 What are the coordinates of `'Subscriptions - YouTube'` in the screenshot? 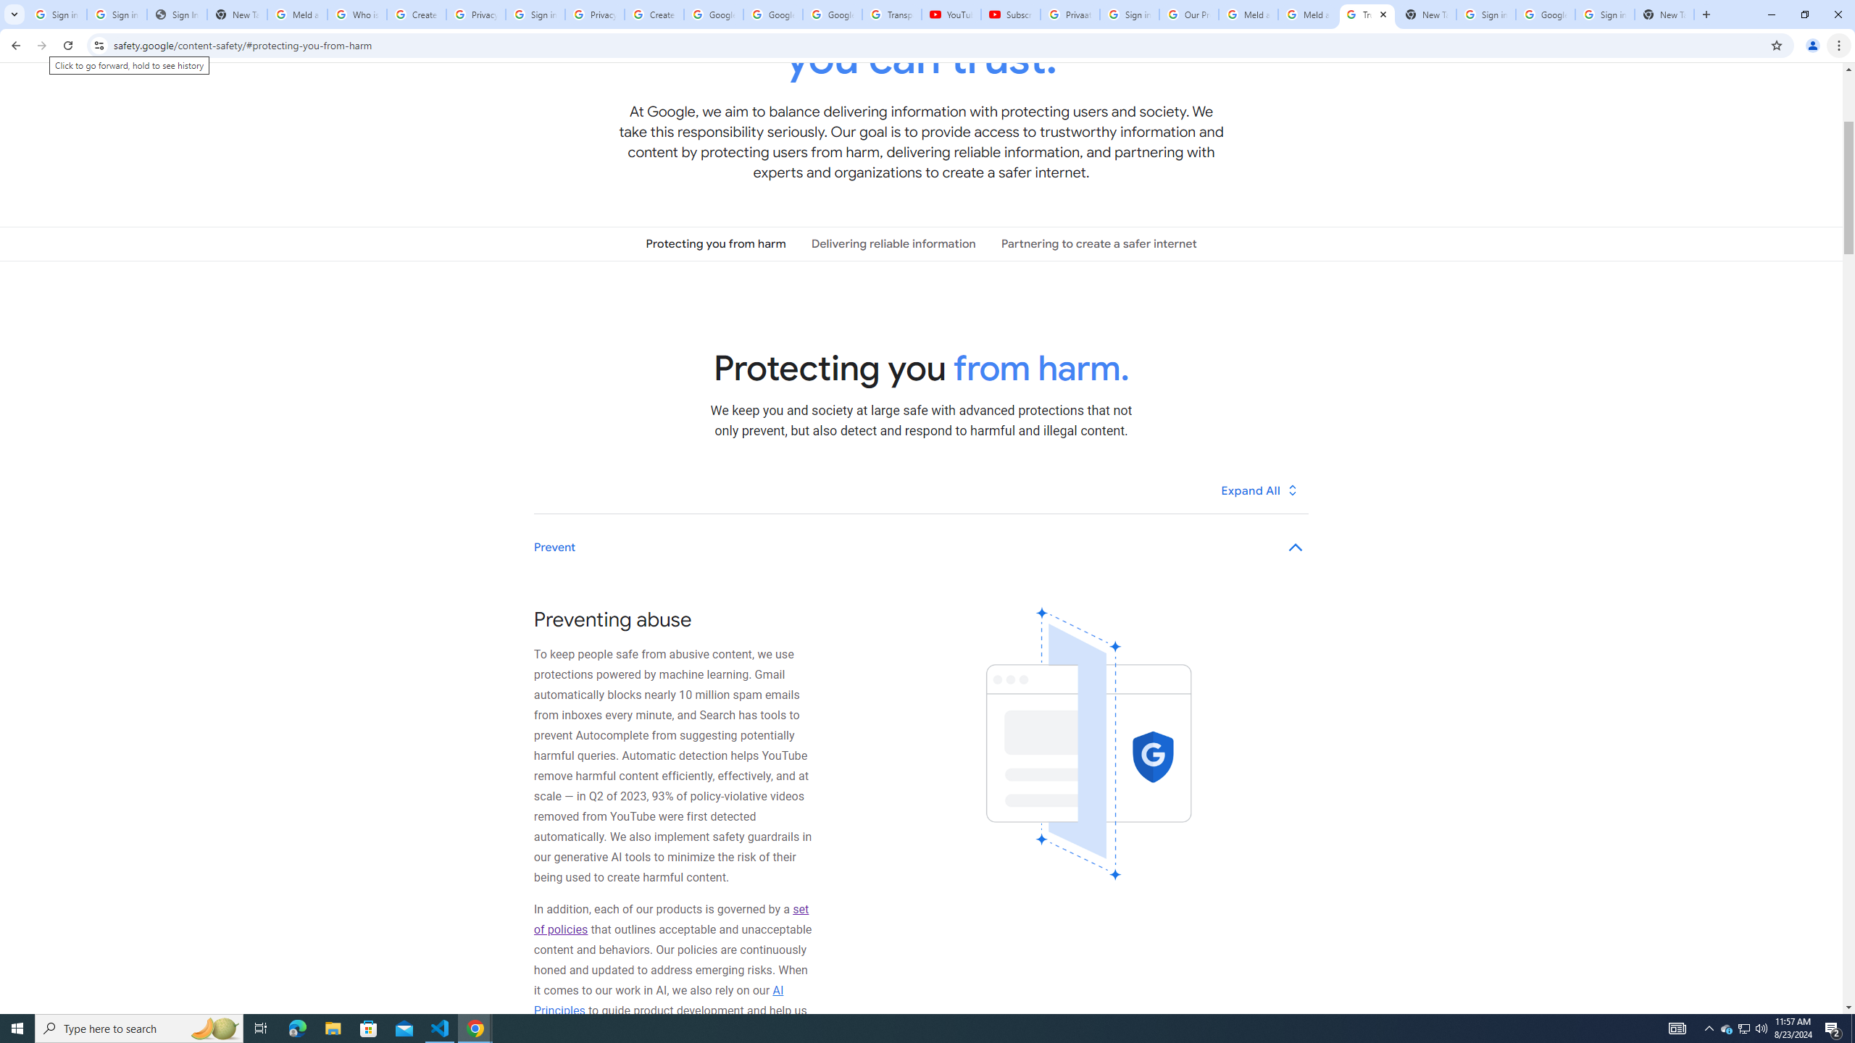 It's located at (1009, 14).